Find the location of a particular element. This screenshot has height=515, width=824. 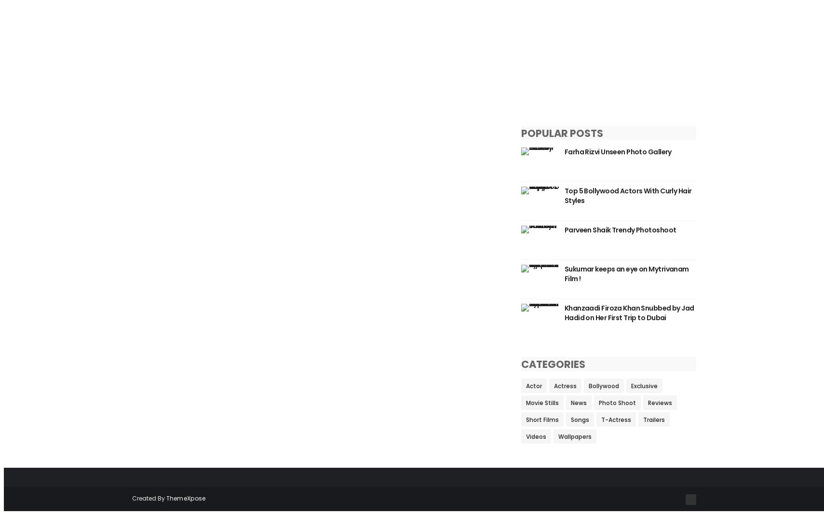

'Sukumar keeps an eye on Mytrivanam Film !' is located at coordinates (626, 273).